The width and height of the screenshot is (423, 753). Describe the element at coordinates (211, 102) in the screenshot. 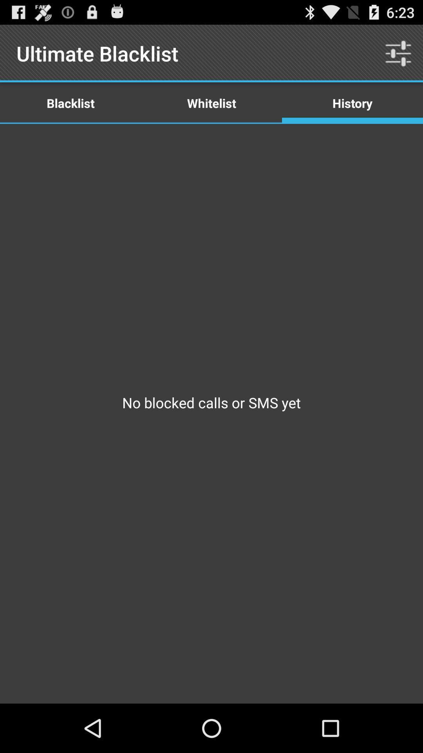

I see `the whitelist item` at that location.